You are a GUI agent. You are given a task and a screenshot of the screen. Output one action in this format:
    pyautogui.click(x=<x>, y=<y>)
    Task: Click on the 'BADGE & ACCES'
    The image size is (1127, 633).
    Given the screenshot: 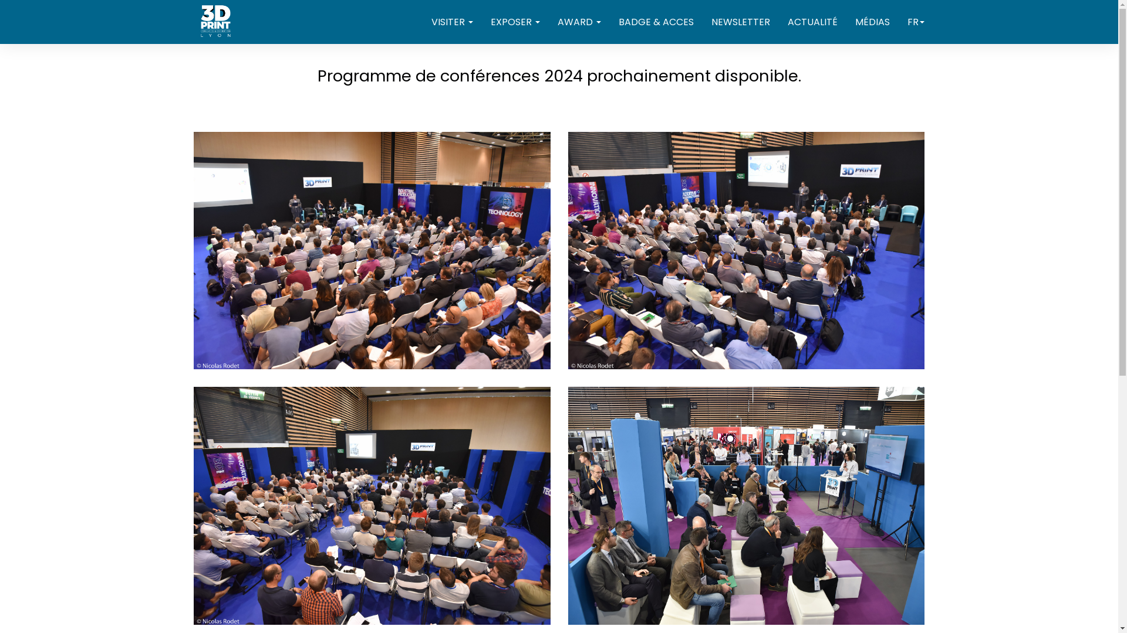 What is the action you would take?
    pyautogui.click(x=656, y=22)
    